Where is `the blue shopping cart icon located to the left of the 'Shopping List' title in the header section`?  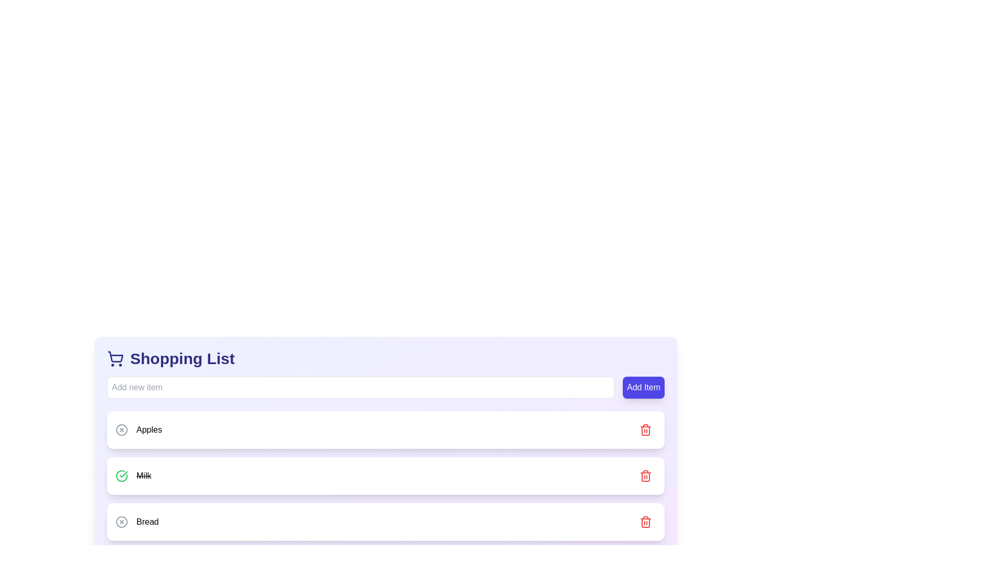 the blue shopping cart icon located to the left of the 'Shopping List' title in the header section is located at coordinates (115, 358).